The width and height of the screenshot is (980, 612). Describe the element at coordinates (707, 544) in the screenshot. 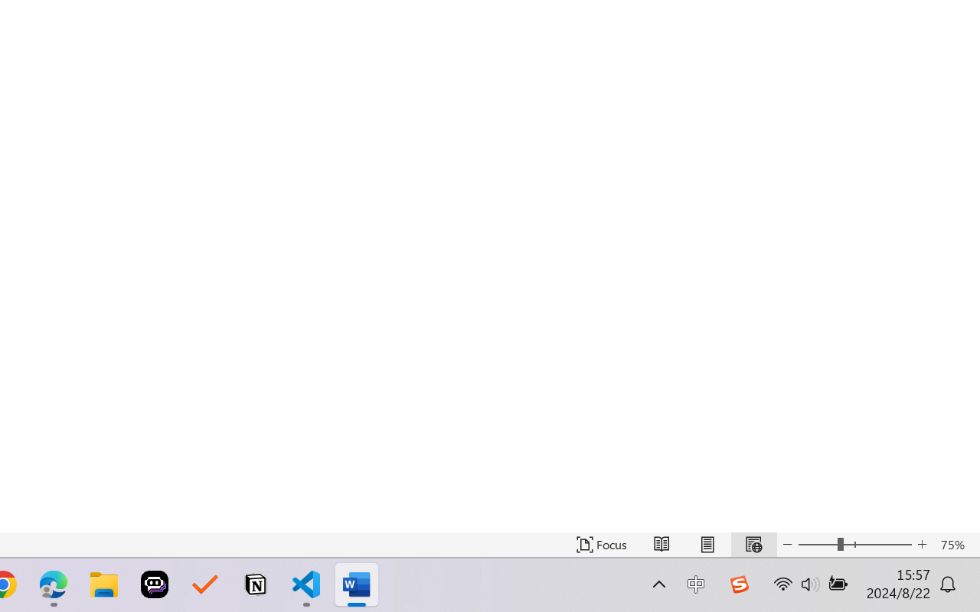

I see `'Print Layout'` at that location.